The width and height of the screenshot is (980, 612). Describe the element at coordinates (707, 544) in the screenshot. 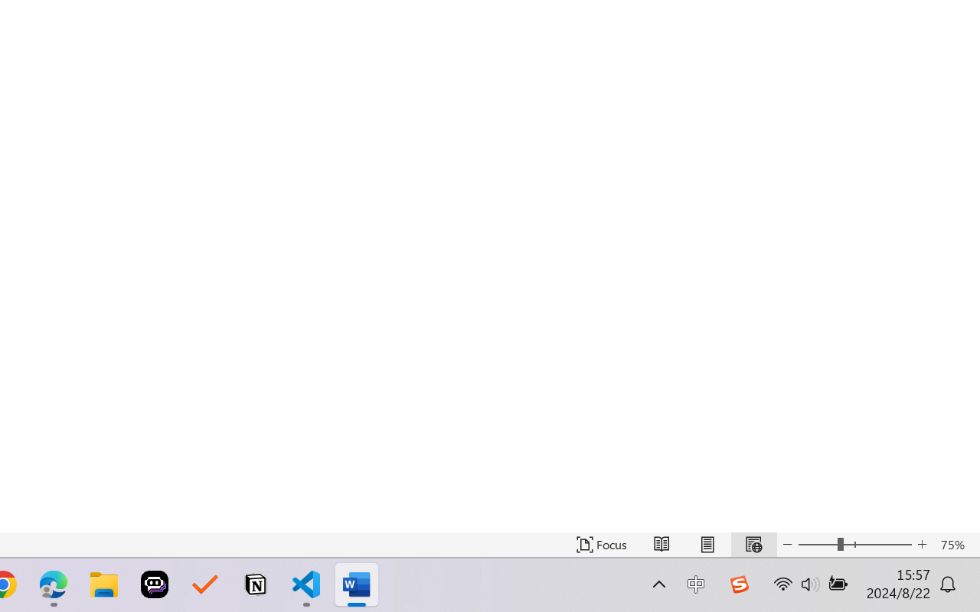

I see `'Print Layout'` at that location.